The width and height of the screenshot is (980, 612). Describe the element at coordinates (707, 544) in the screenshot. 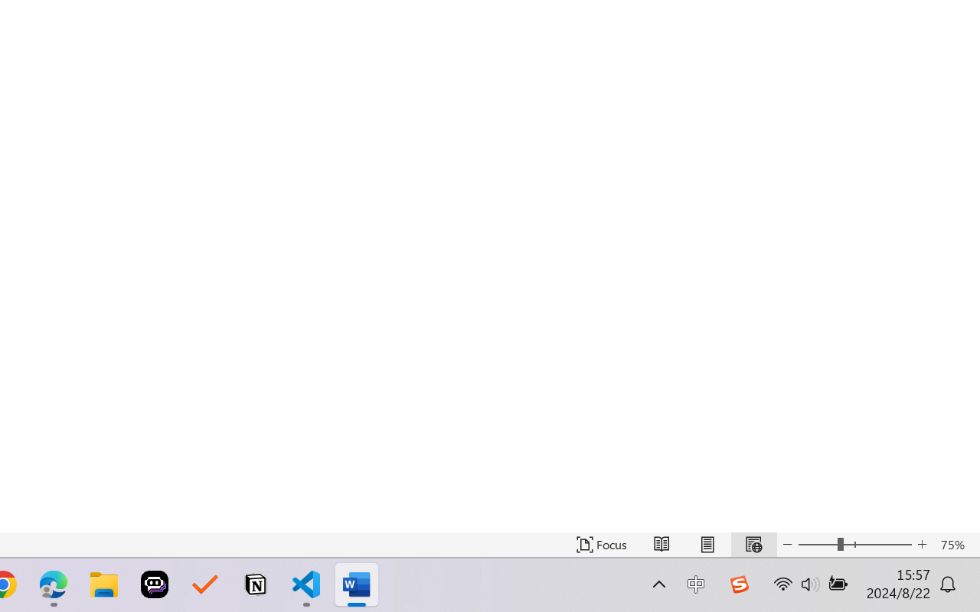

I see `'Print Layout'` at that location.